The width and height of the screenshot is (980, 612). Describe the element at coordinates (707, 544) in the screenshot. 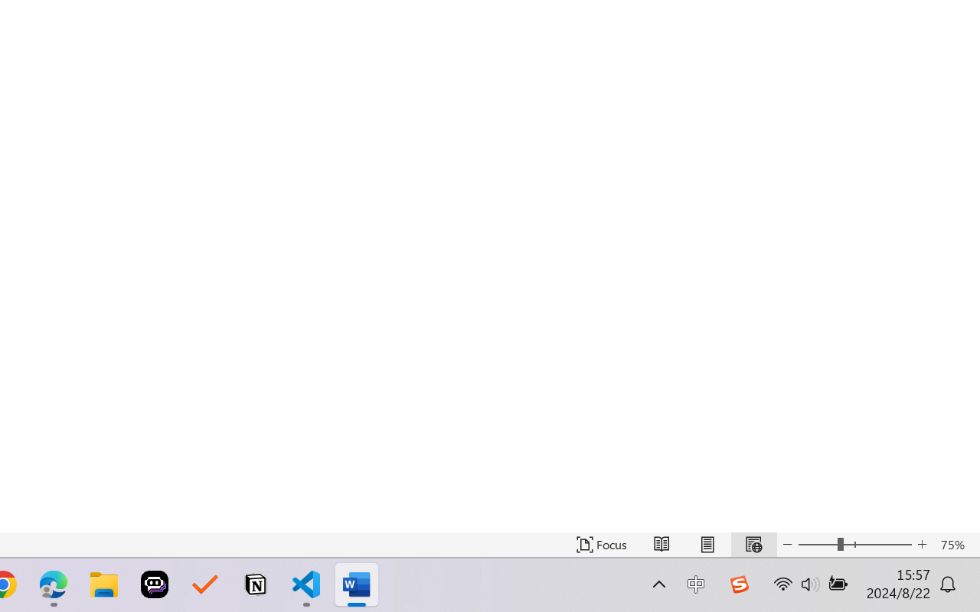

I see `'Print Layout'` at that location.